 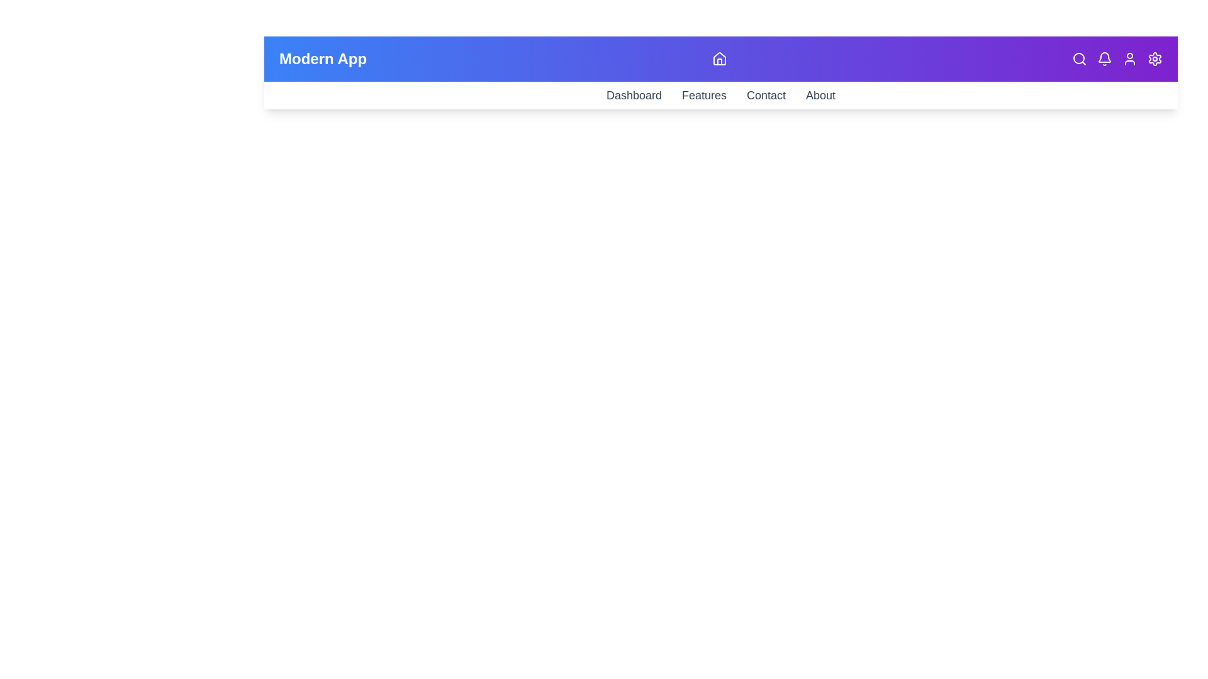 I want to click on the User icon to simulate its action, so click(x=1129, y=58).